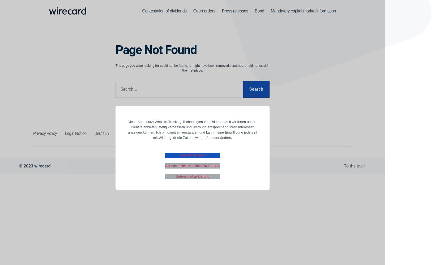 Image resolution: width=439 pixels, height=265 pixels. Describe the element at coordinates (235, 11) in the screenshot. I see `'Press releases'` at that location.